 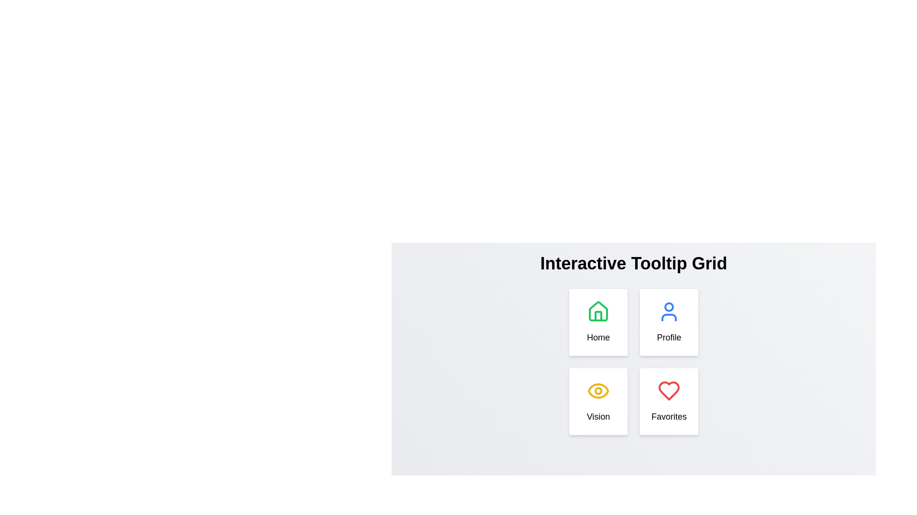 I want to click on the heart icon labeled 'Favorites' in the bottom right cell of the grid layout, so click(x=669, y=391).